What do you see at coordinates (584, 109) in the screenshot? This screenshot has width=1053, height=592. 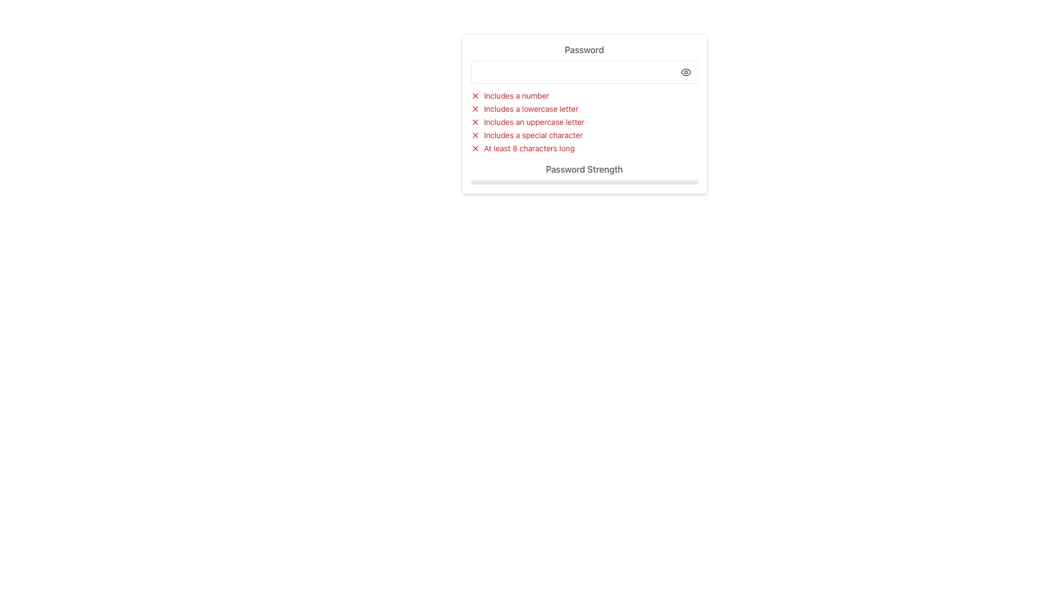 I see `text 'Includes a lowercase letter' which is styled in a small font size and red color, located as the second item in the list of password strength criteria below the password input field` at bounding box center [584, 109].